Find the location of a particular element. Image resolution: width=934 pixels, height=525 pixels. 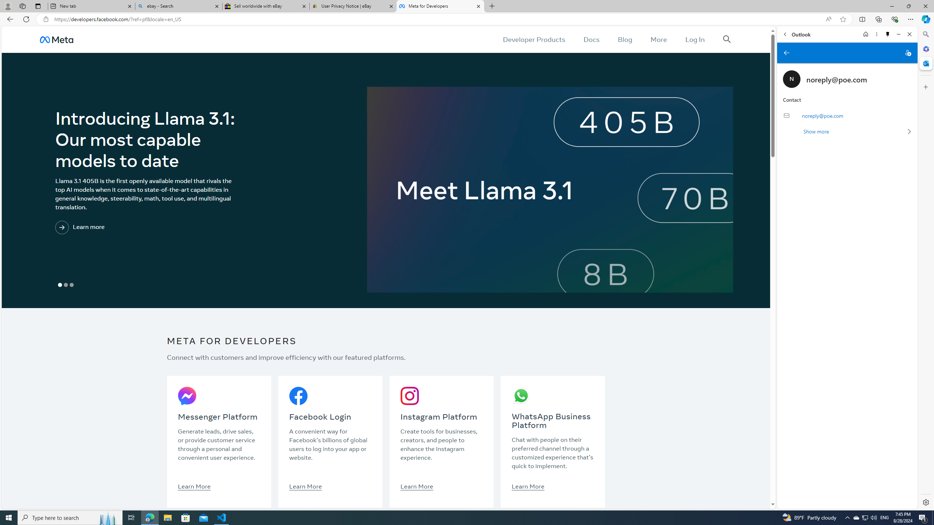

'Settings' is located at coordinates (925, 502).